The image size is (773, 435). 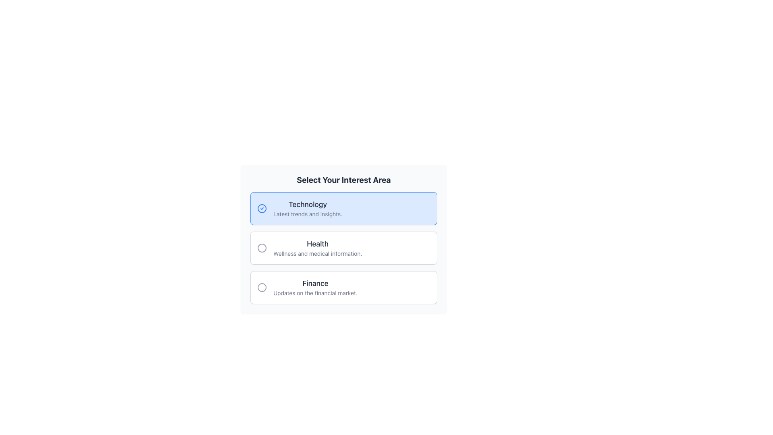 What do you see at coordinates (307, 204) in the screenshot?
I see `the text label 'Technology' which is styled with a large bold font and is part of a blue-highlighted selection box` at bounding box center [307, 204].